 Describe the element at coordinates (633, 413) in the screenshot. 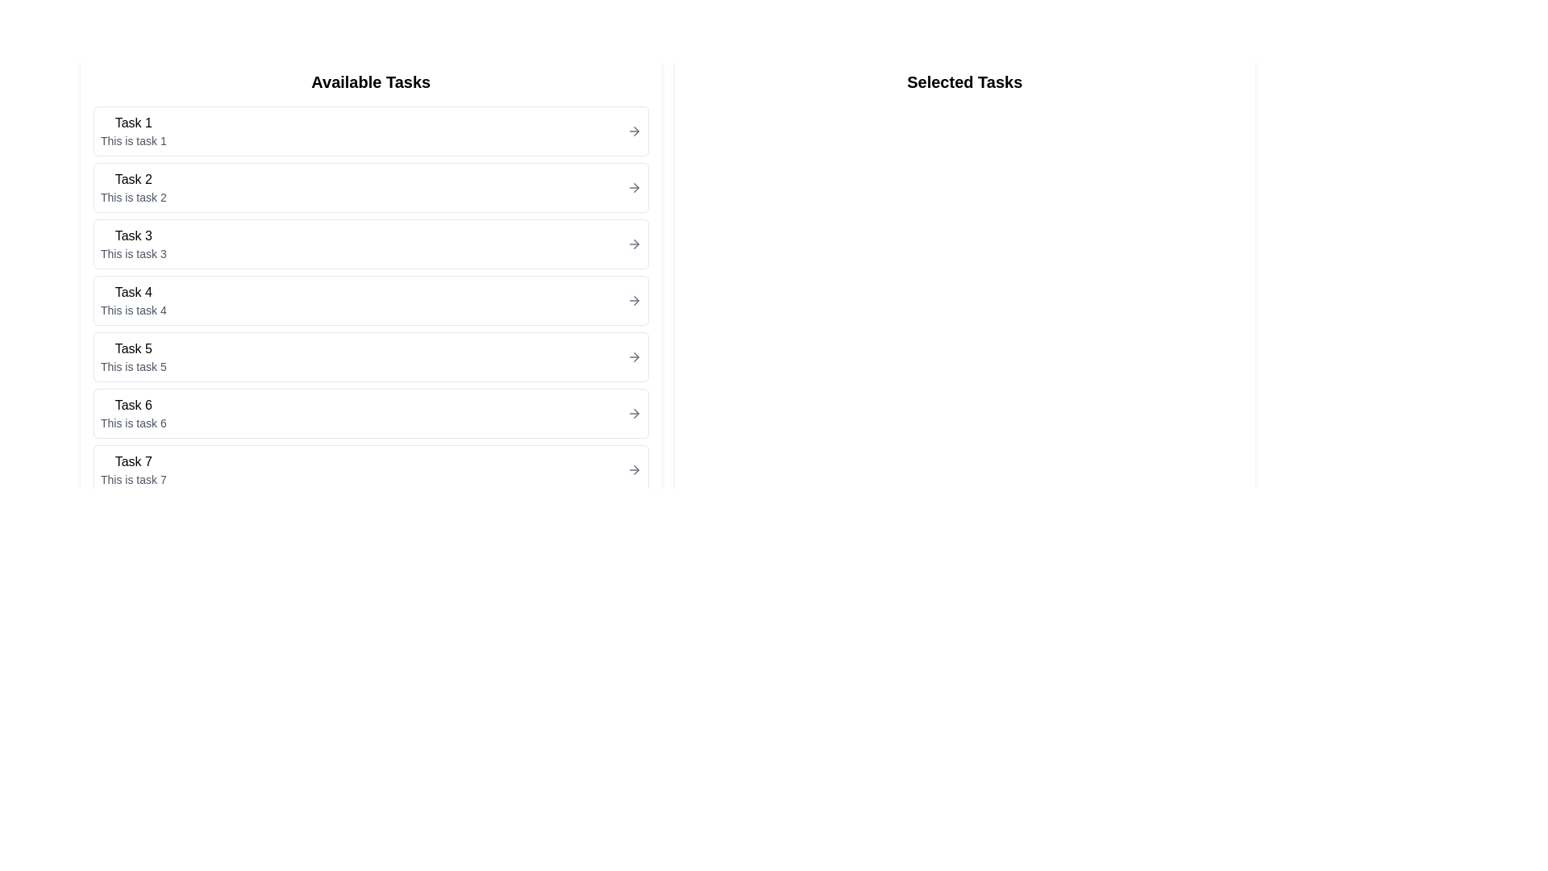

I see `the right-facing arrow icon with a gray outline located at the end of the 'Task 6' list item in the 'Available Tasks' section` at that location.